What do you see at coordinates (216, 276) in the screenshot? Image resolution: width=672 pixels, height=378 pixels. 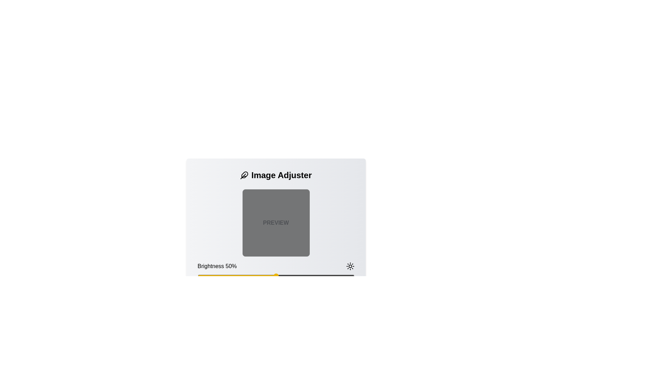 I see `the brightness level` at bounding box center [216, 276].